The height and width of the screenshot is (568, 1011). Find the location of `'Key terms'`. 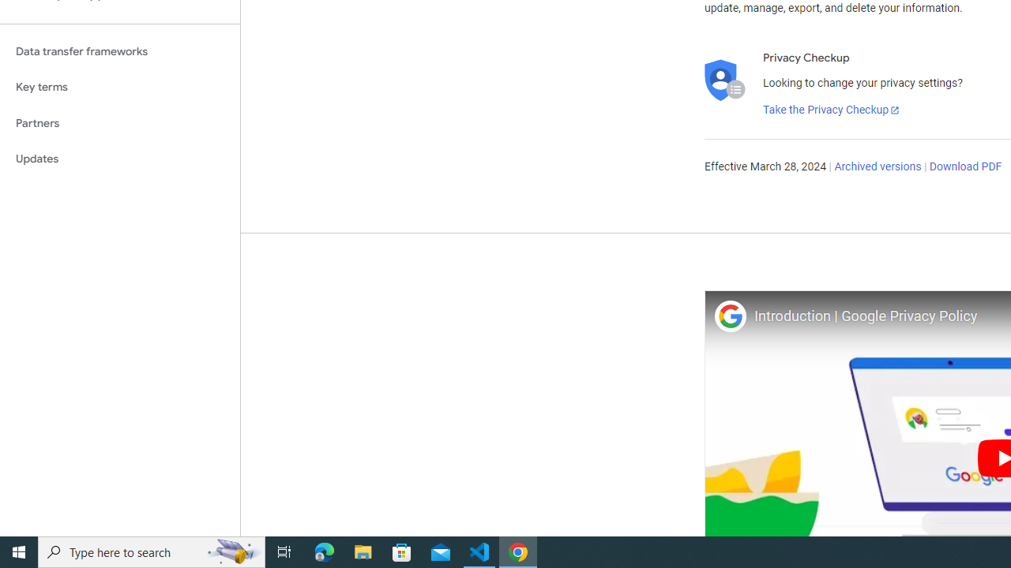

'Key terms' is located at coordinates (119, 87).